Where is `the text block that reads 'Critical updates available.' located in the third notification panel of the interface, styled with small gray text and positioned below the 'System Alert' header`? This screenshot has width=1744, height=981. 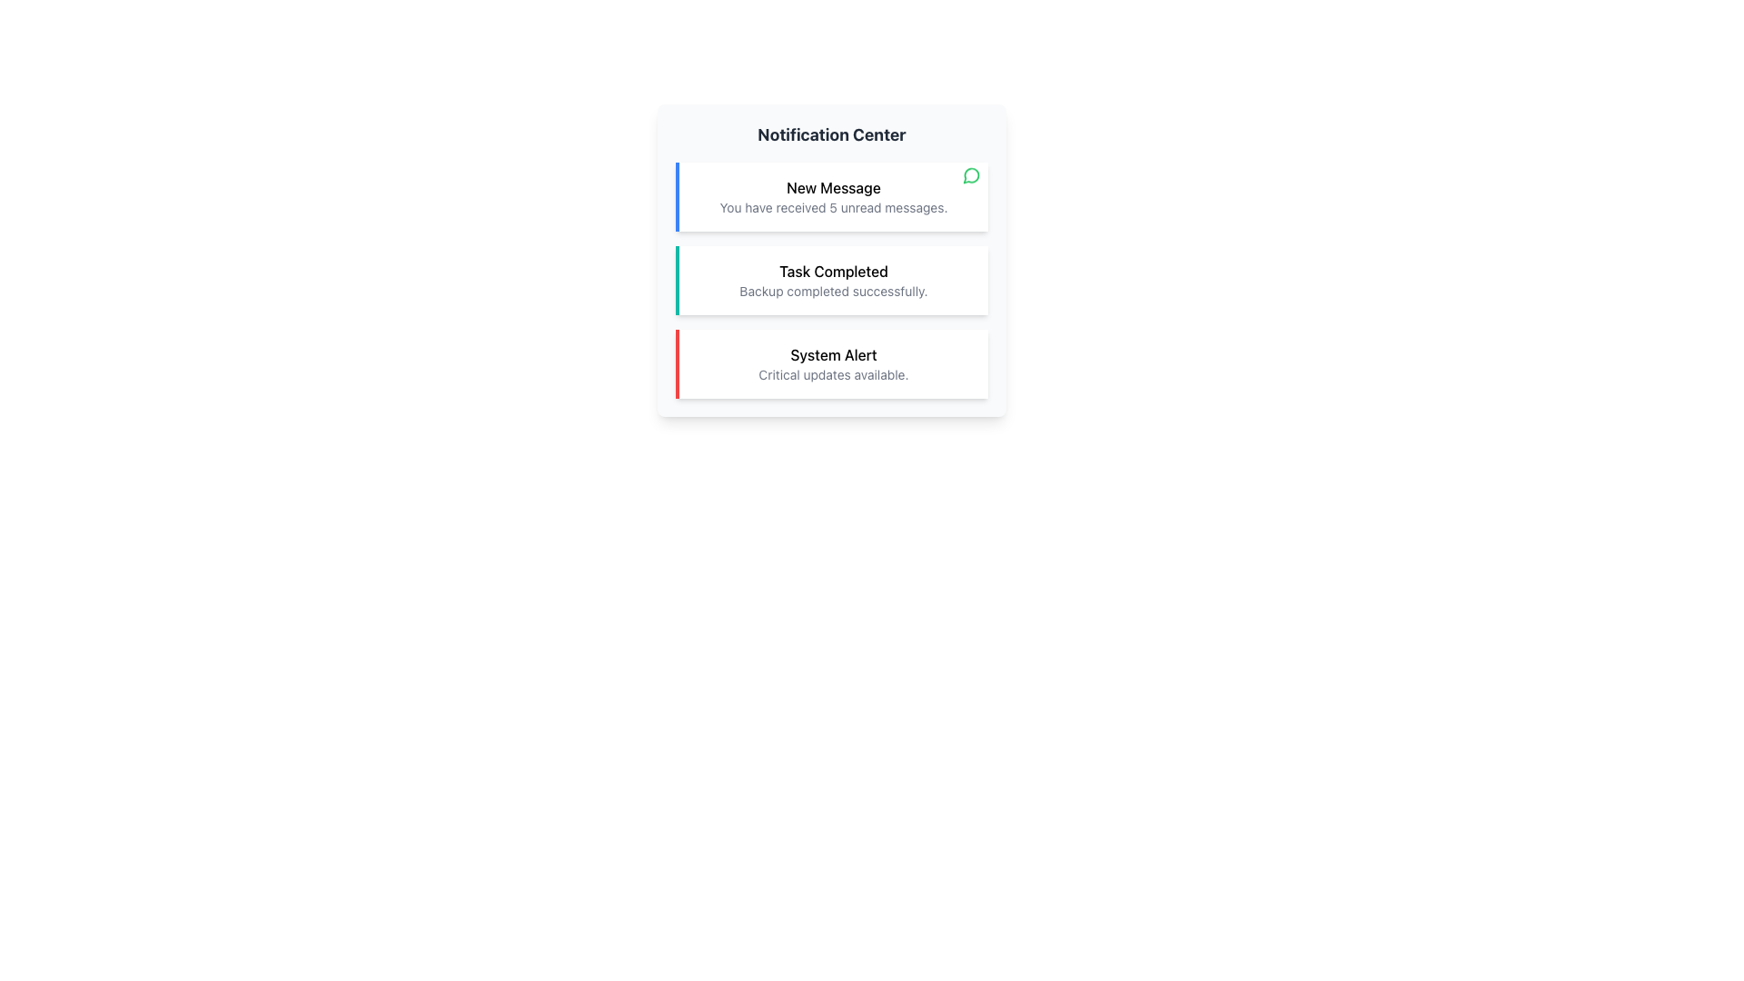 the text block that reads 'Critical updates available.' located in the third notification panel of the interface, styled with small gray text and positioned below the 'System Alert' header is located at coordinates (832, 373).